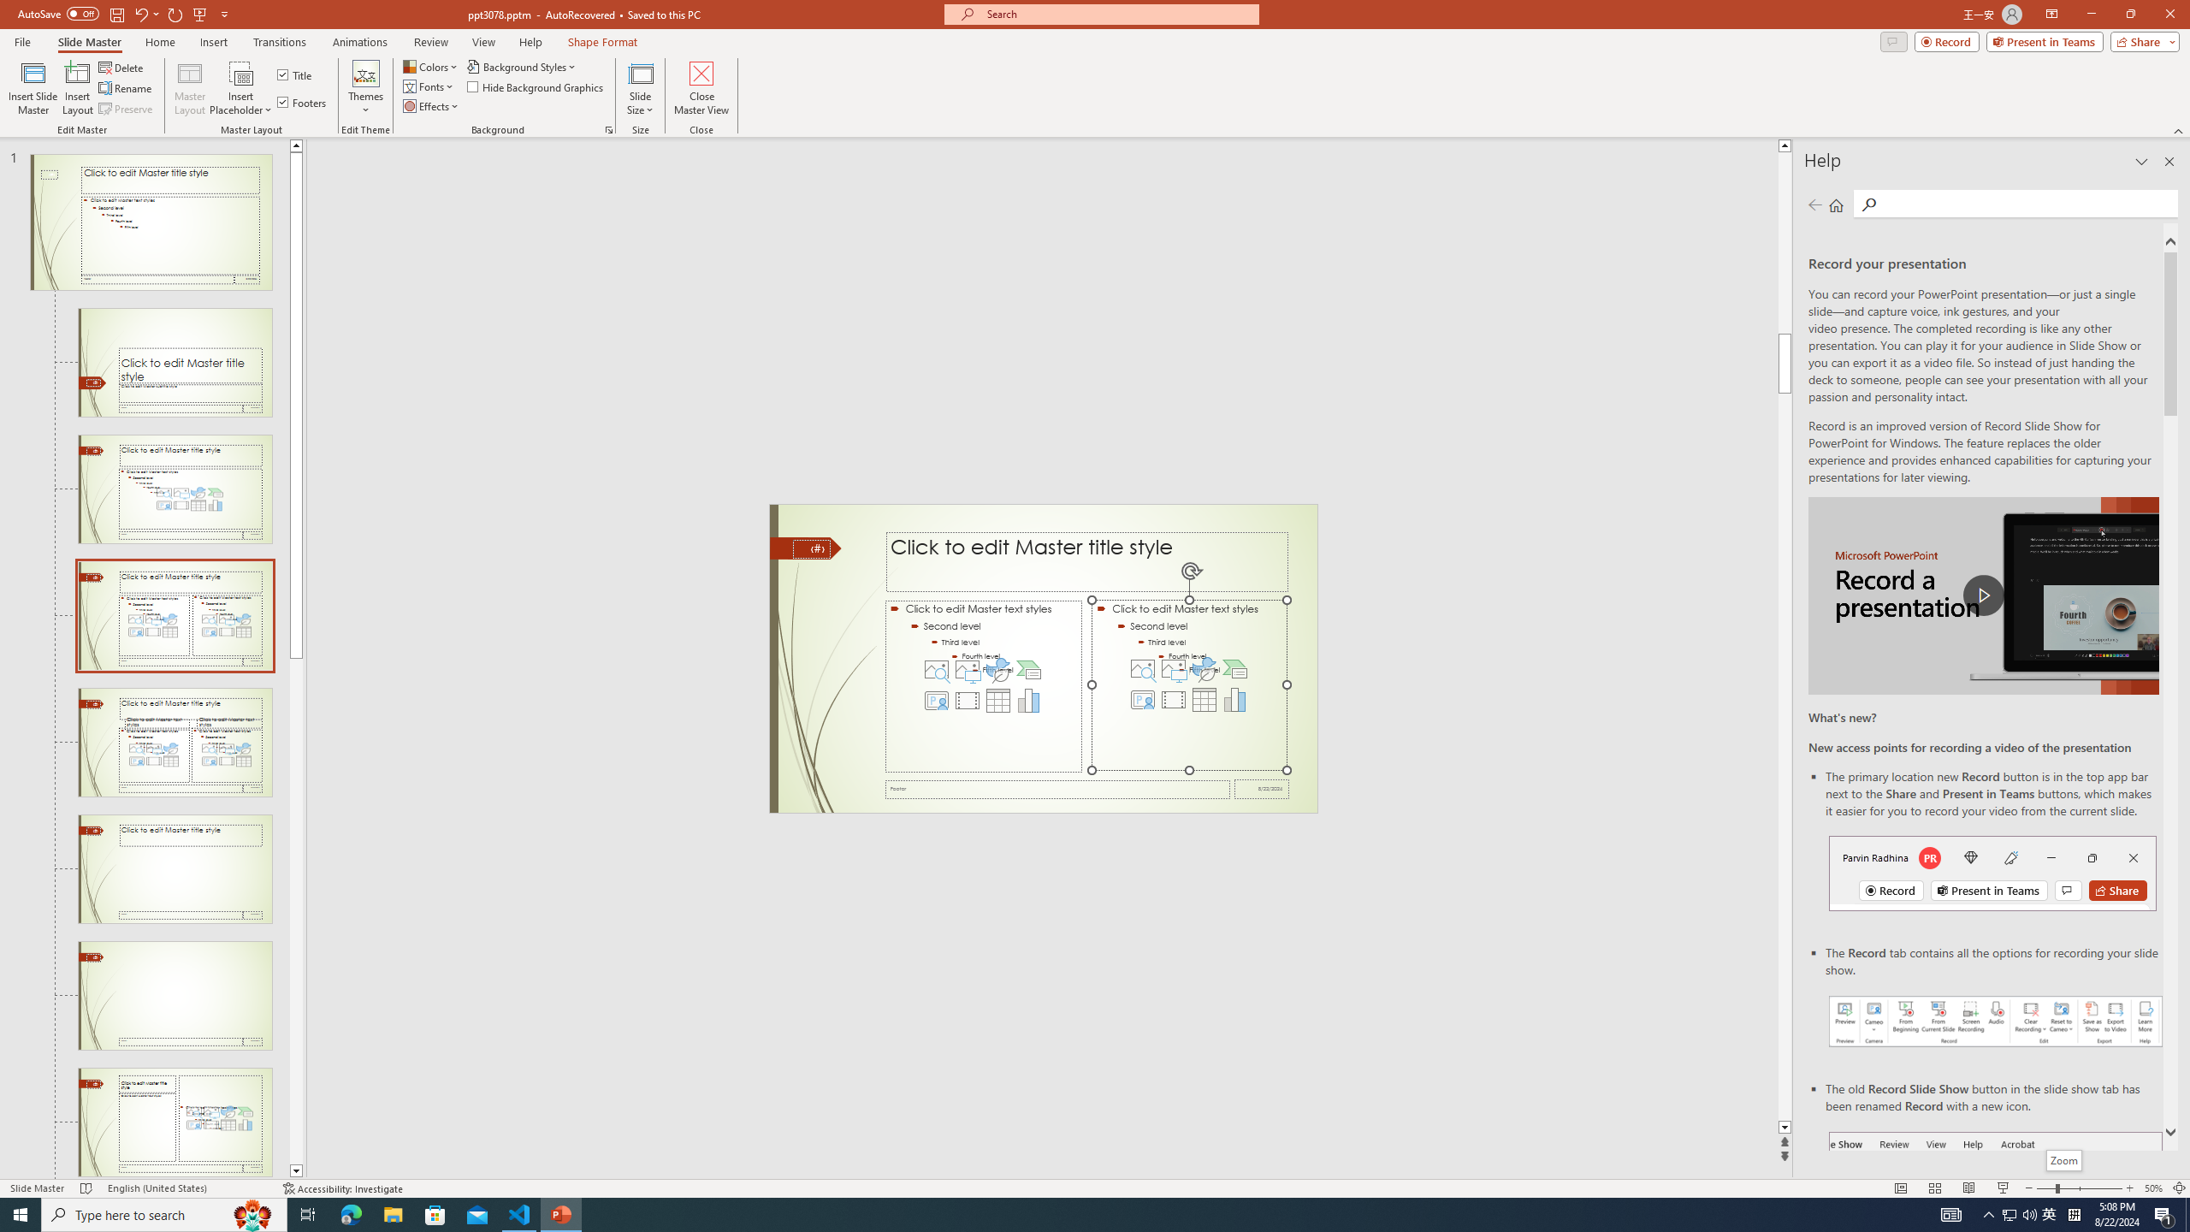 The image size is (2190, 1232). I want to click on 'Insert Slide Master', so click(32, 88).